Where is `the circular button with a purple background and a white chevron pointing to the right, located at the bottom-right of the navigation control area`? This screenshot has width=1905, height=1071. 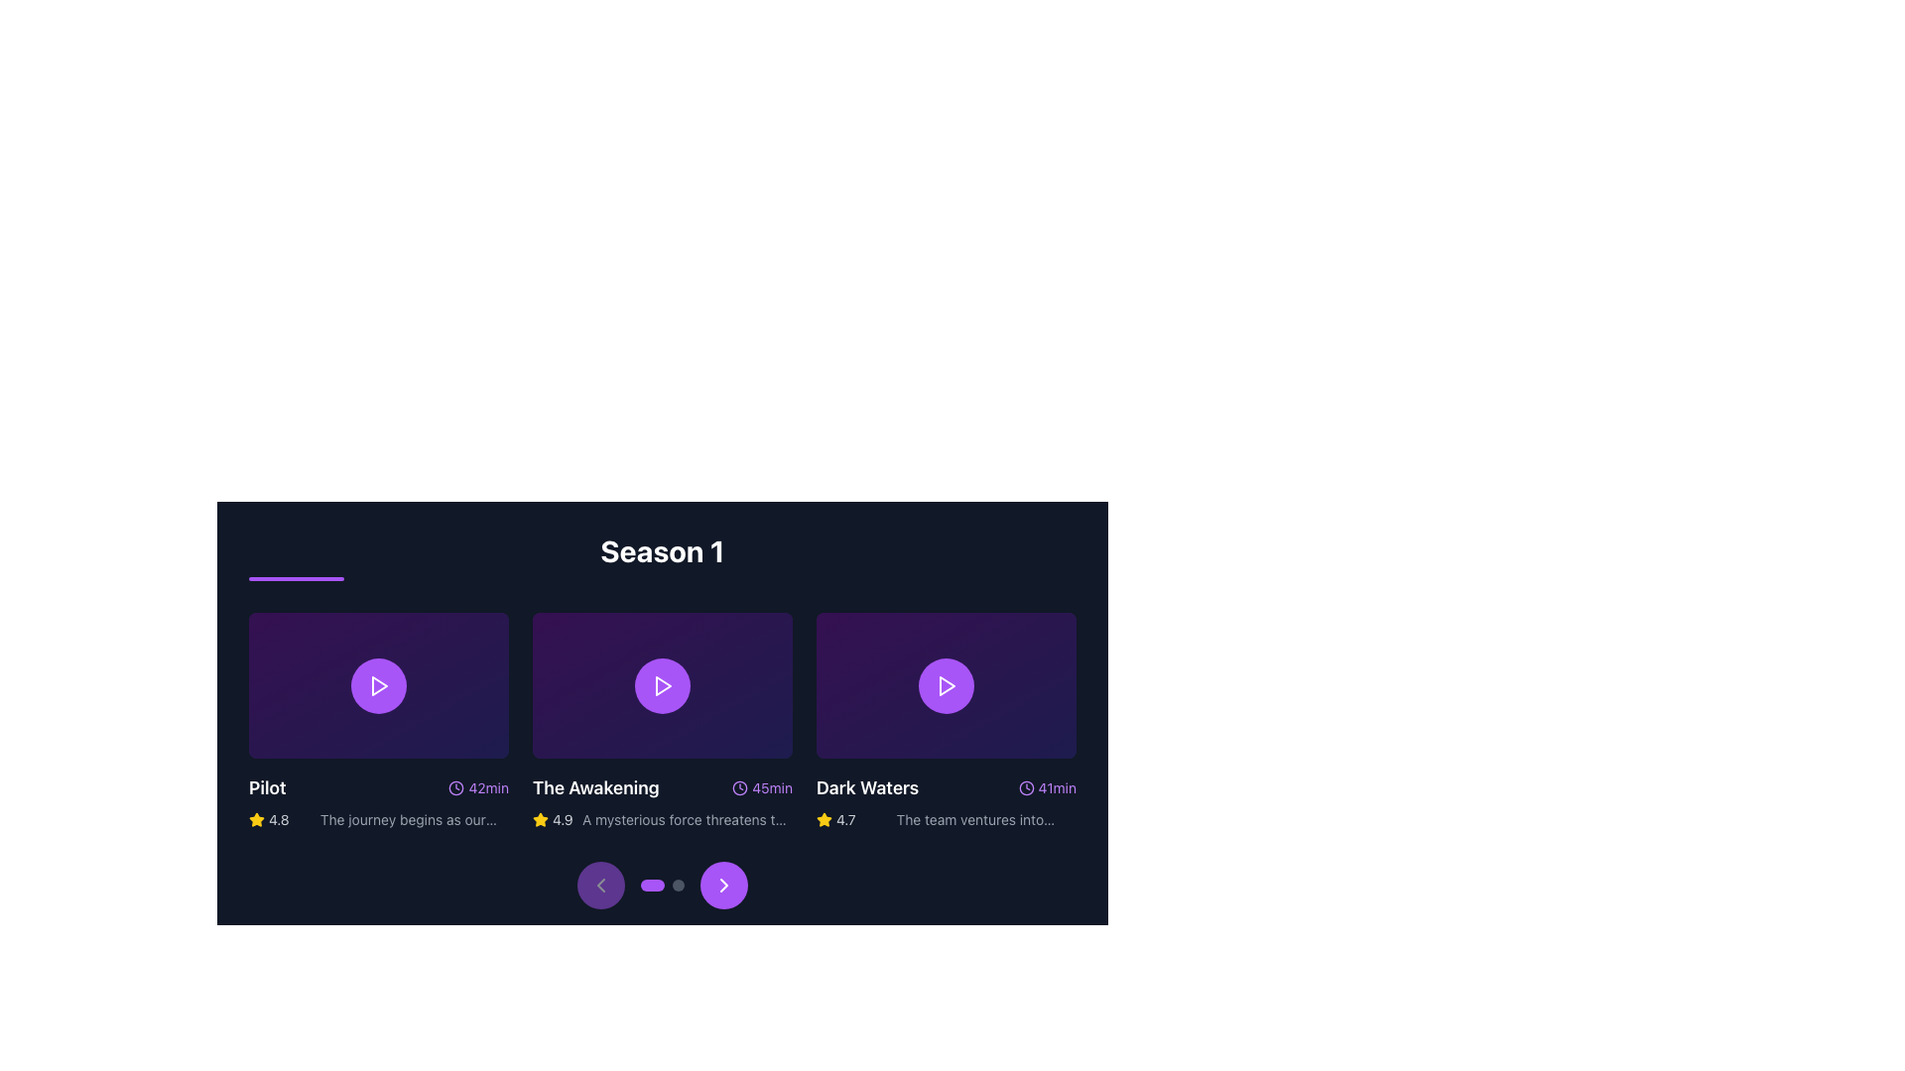
the circular button with a purple background and a white chevron pointing to the right, located at the bottom-right of the navigation control area is located at coordinates (722, 885).